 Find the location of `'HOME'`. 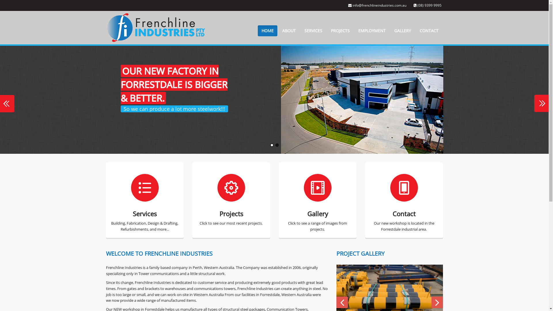

'HOME' is located at coordinates (267, 31).